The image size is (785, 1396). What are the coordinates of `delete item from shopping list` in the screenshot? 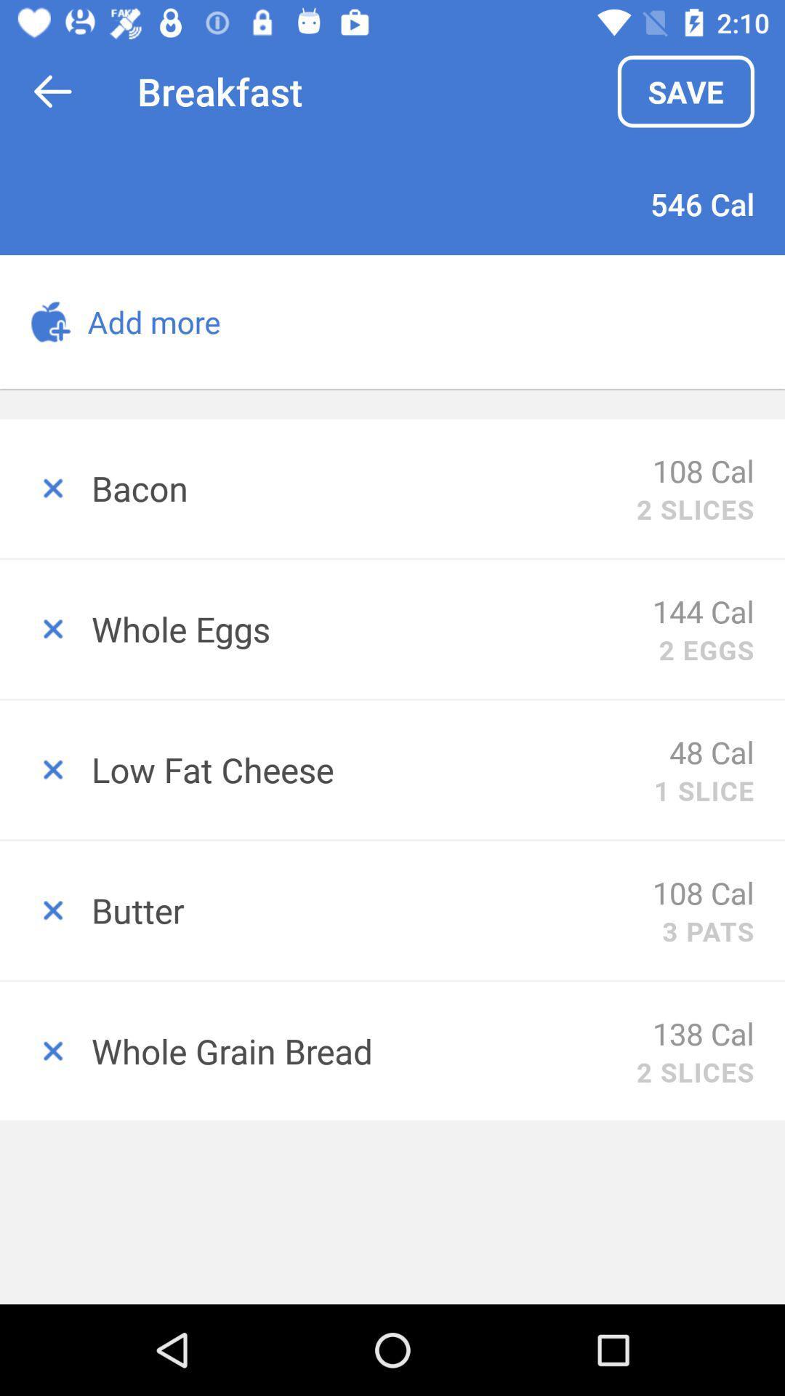 It's located at (44, 1051).